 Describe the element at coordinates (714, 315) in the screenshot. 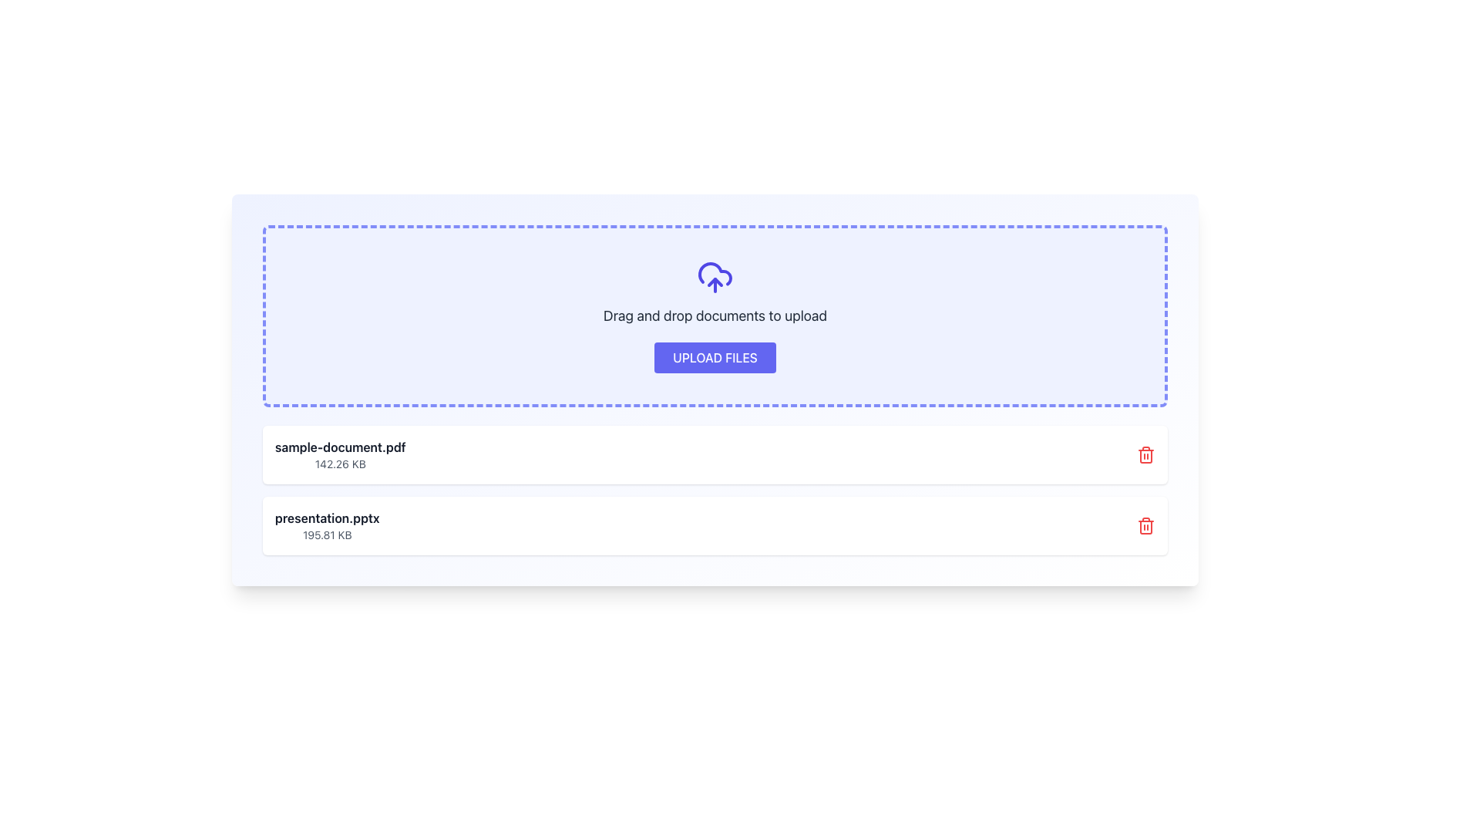

I see `the Text Label element that reads 'Drag and drop documents to upload', which is centrally aligned below a cloud upload icon and above an 'Upload files' button` at that location.